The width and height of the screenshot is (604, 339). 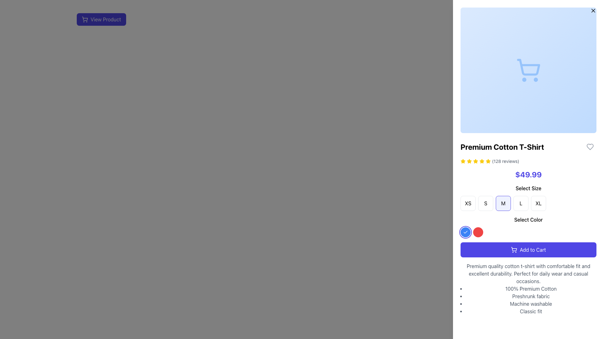 What do you see at coordinates (528, 174) in the screenshot?
I see `the static text element displaying the price '$49.99', which is bold and indigo colored, positioned below the product title and rating section` at bounding box center [528, 174].